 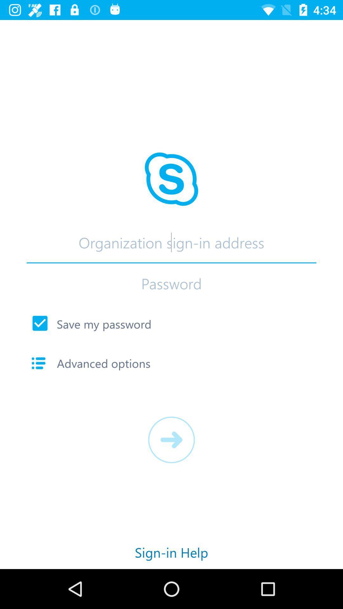 What do you see at coordinates (40, 323) in the screenshot?
I see `app next to save my password` at bounding box center [40, 323].